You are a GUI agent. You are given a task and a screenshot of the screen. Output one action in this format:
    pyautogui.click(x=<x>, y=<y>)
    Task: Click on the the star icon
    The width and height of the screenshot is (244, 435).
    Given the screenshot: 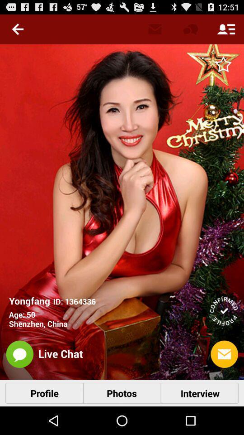 What is the action you would take?
    pyautogui.click(x=223, y=68)
    